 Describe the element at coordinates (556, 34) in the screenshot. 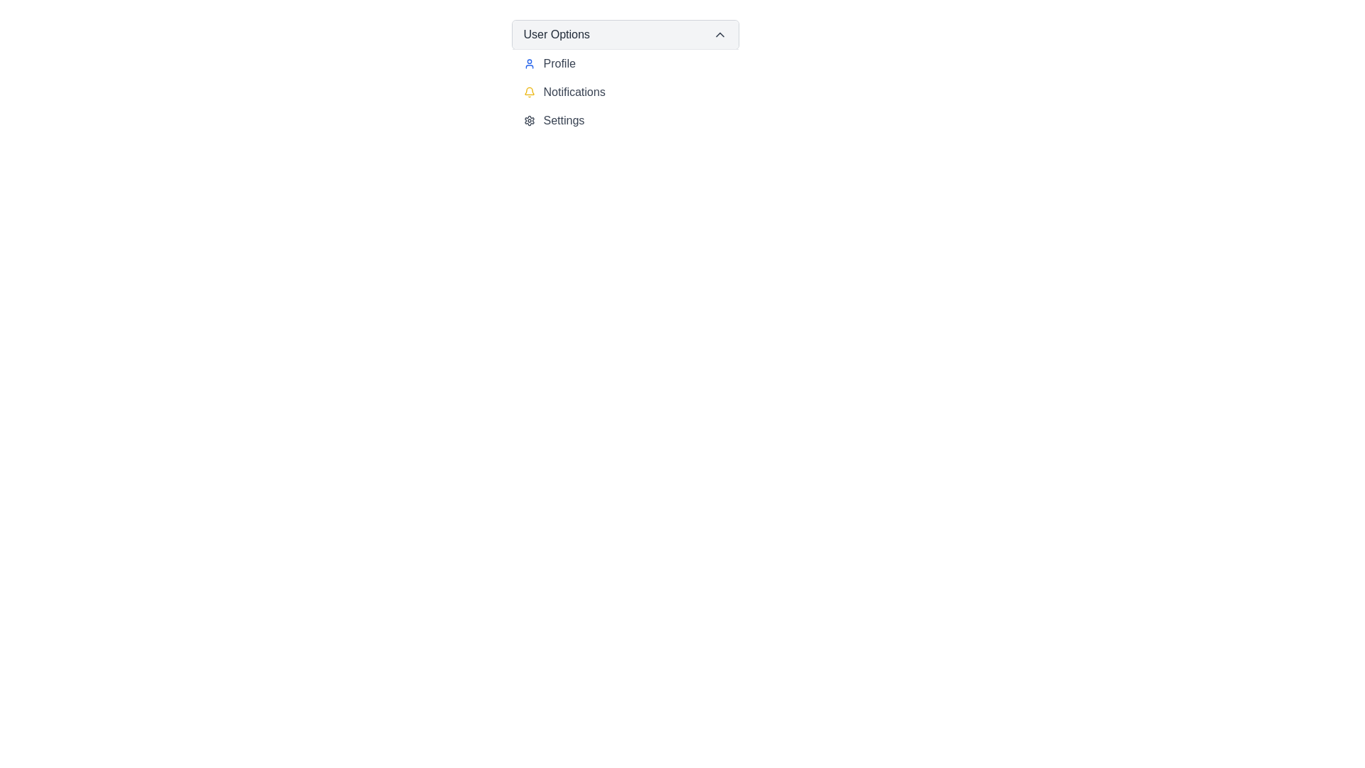

I see `the text label that serves as the title for the dropdown menu, providing contextual information for users` at that location.